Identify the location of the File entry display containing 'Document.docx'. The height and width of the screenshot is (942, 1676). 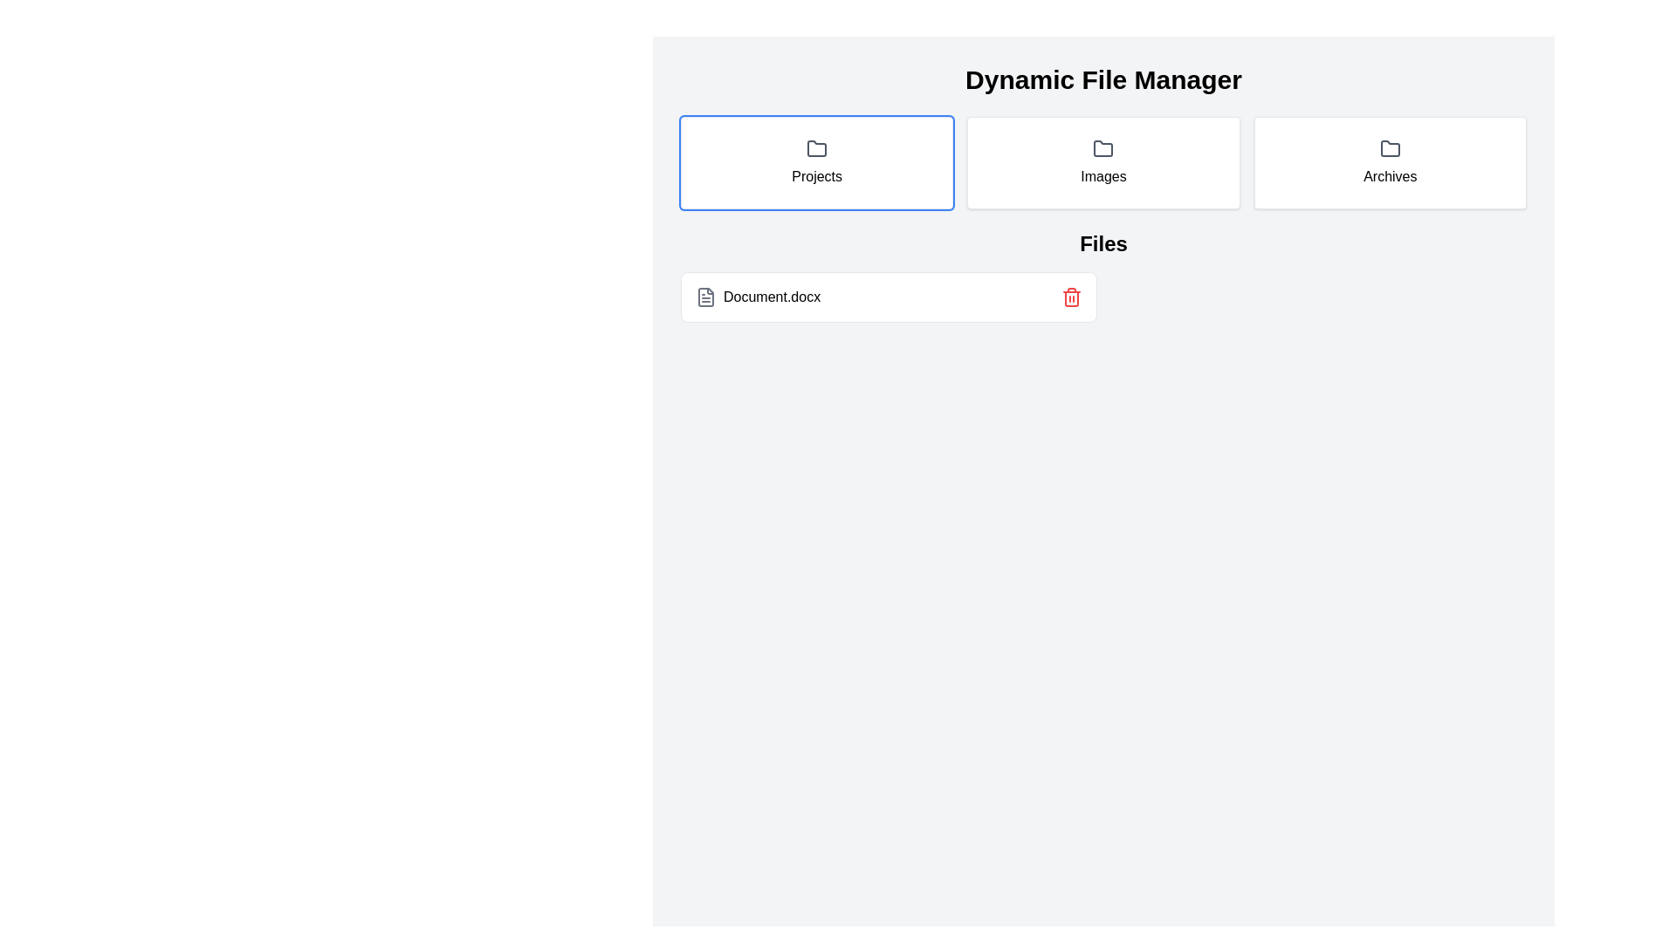
(1102, 296).